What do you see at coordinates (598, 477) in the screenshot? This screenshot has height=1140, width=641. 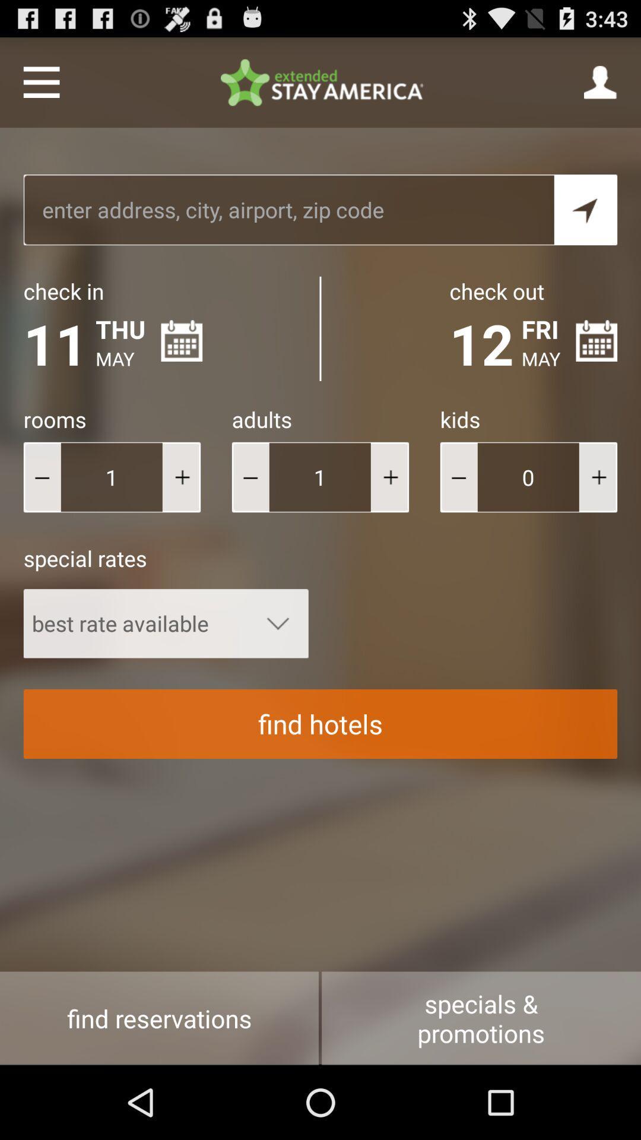 I see `increase number of children for stay` at bounding box center [598, 477].